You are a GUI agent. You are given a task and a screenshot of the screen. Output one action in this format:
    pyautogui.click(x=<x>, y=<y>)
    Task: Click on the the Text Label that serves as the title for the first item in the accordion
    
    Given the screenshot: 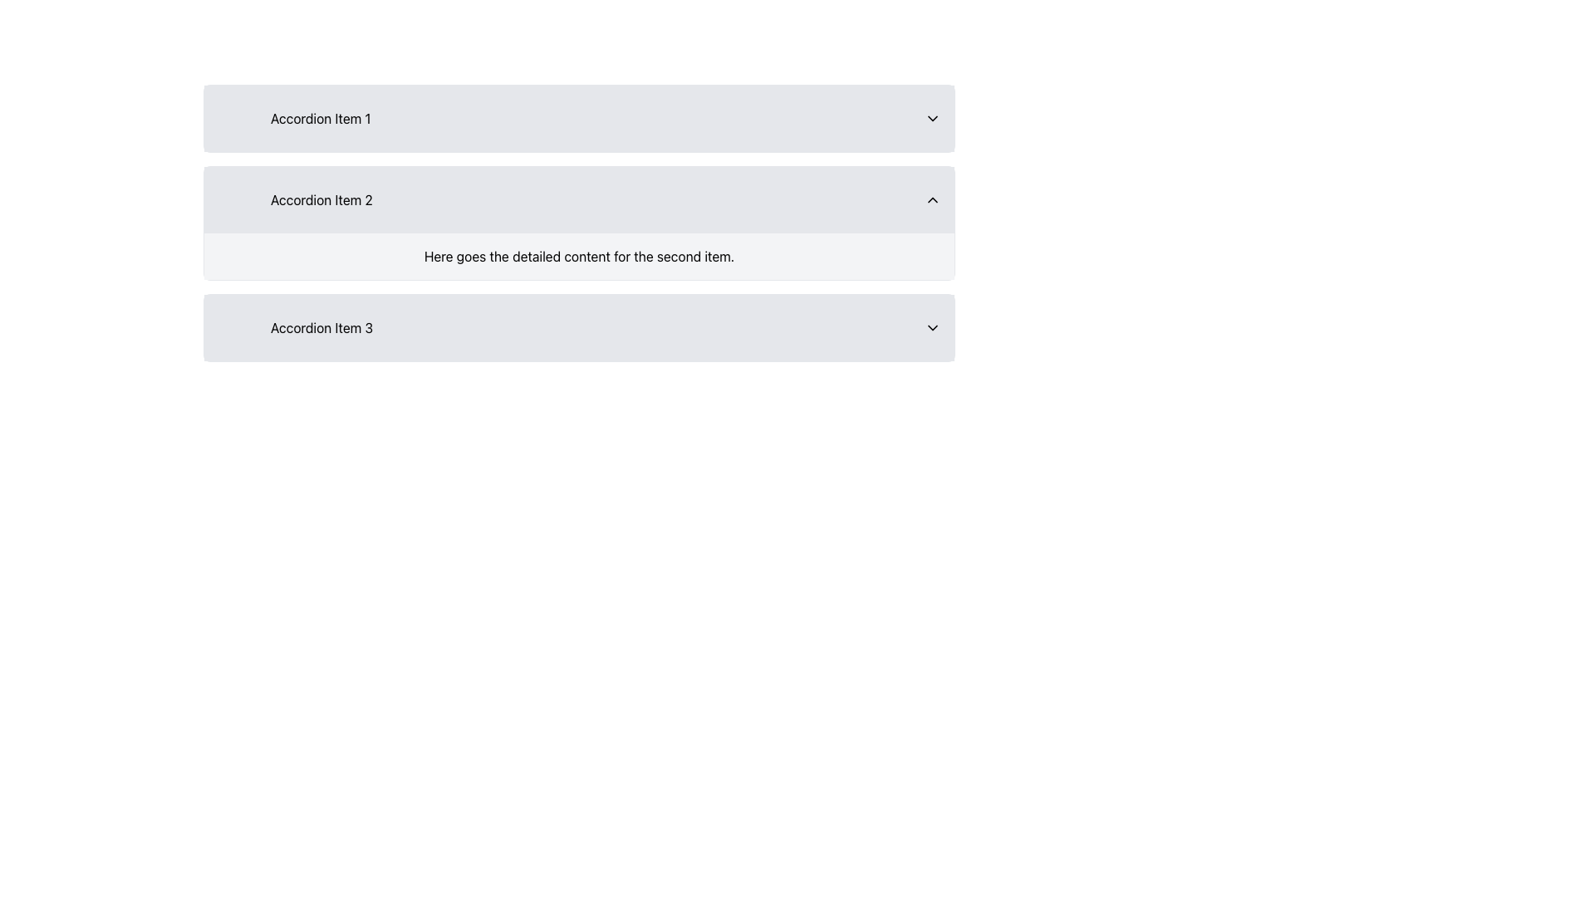 What is the action you would take?
    pyautogui.click(x=321, y=117)
    